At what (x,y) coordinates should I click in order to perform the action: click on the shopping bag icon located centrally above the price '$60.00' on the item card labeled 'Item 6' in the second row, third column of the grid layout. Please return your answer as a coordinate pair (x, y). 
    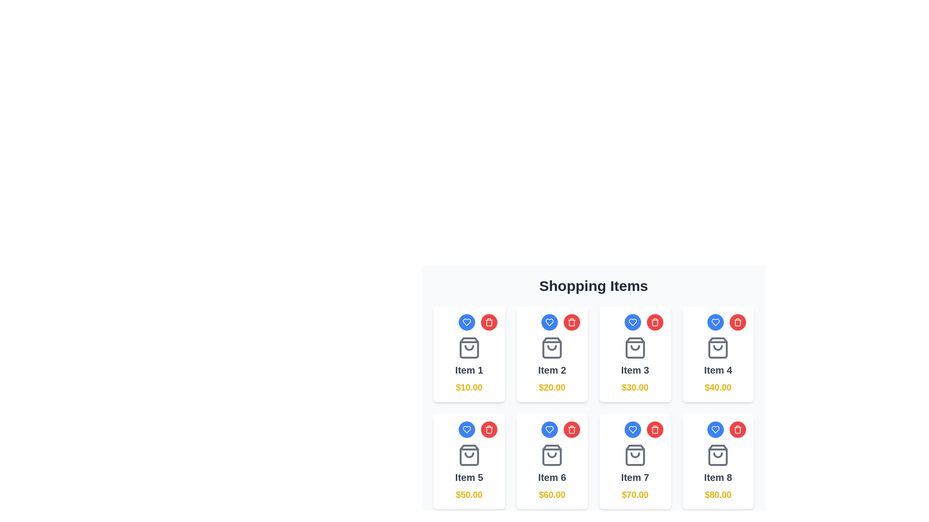
    Looking at the image, I should click on (552, 455).